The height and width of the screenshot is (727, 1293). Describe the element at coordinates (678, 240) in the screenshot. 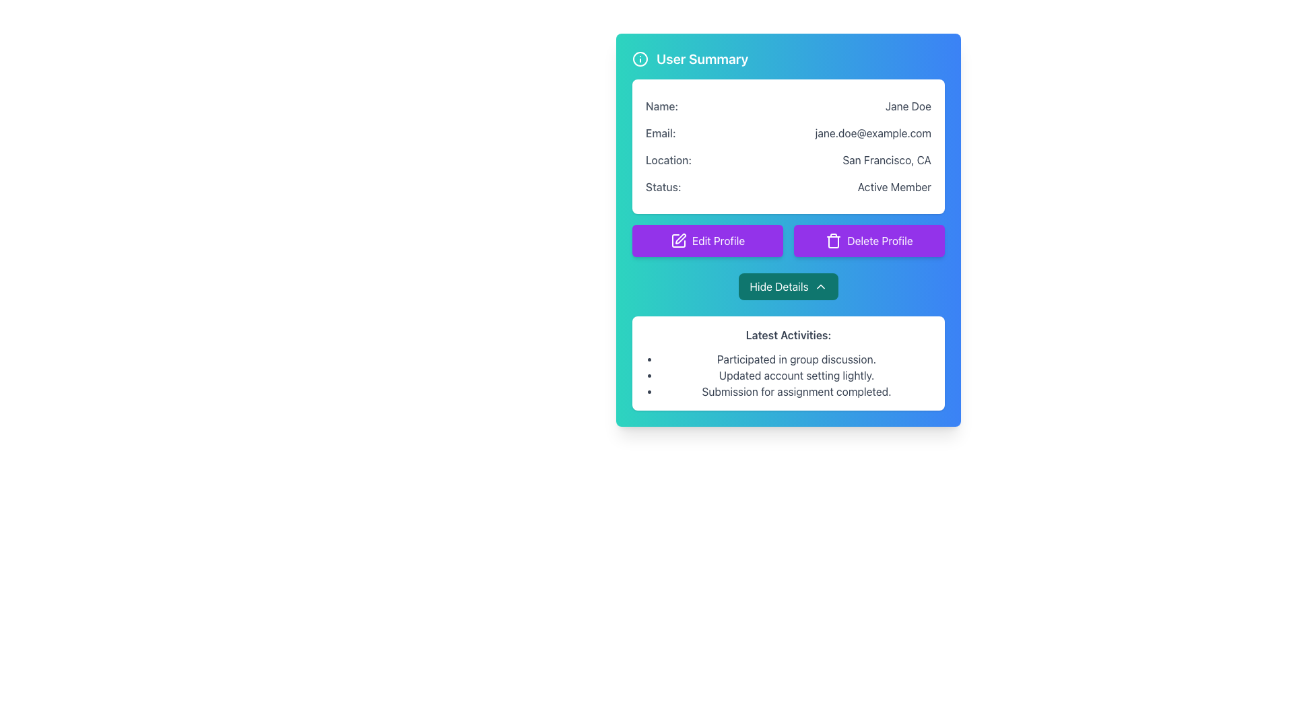

I see `the edit icon within the 'Edit Profile' button, which allows users to modify their profile information` at that location.